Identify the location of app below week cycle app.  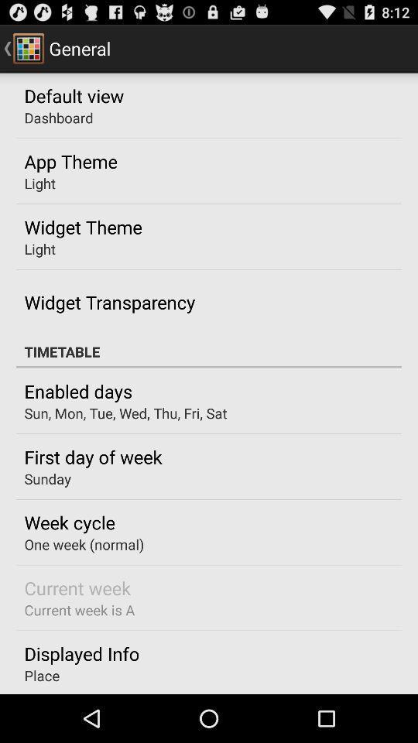
(84, 544).